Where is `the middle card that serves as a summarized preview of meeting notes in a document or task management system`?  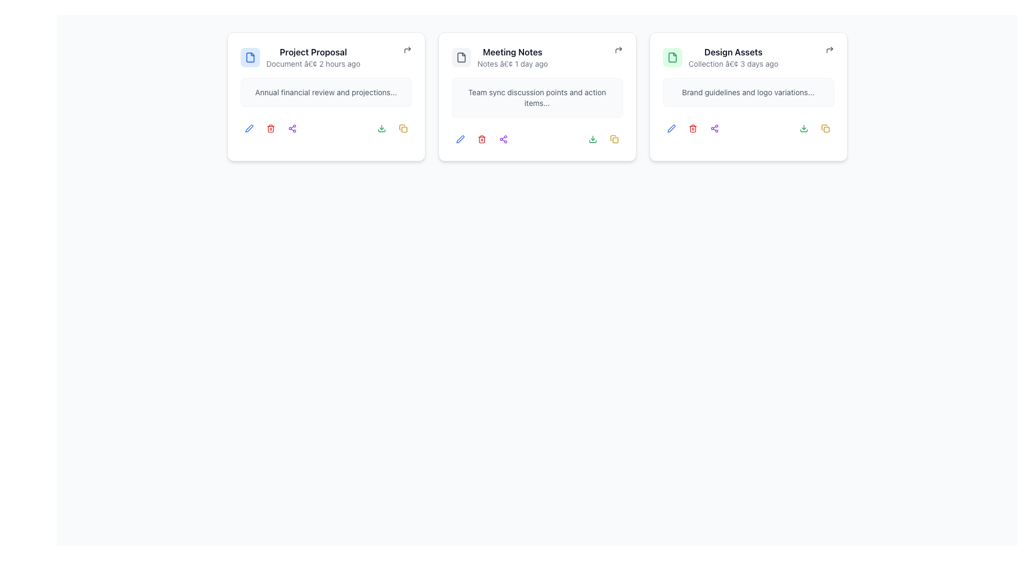
the middle card that serves as a summarized preview of meeting notes in a document or task management system is located at coordinates (537, 97).